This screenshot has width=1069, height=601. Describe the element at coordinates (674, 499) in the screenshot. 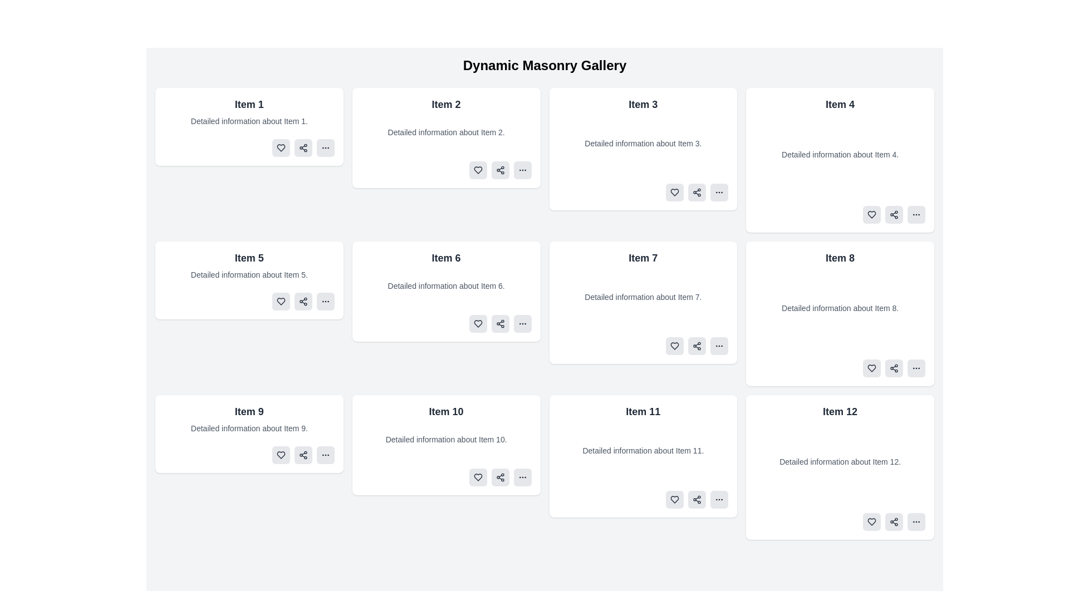

I see `the heart-shaped icon button with a thin, outlined design located in the bottom-right corner of the card for 'Item 11'` at that location.